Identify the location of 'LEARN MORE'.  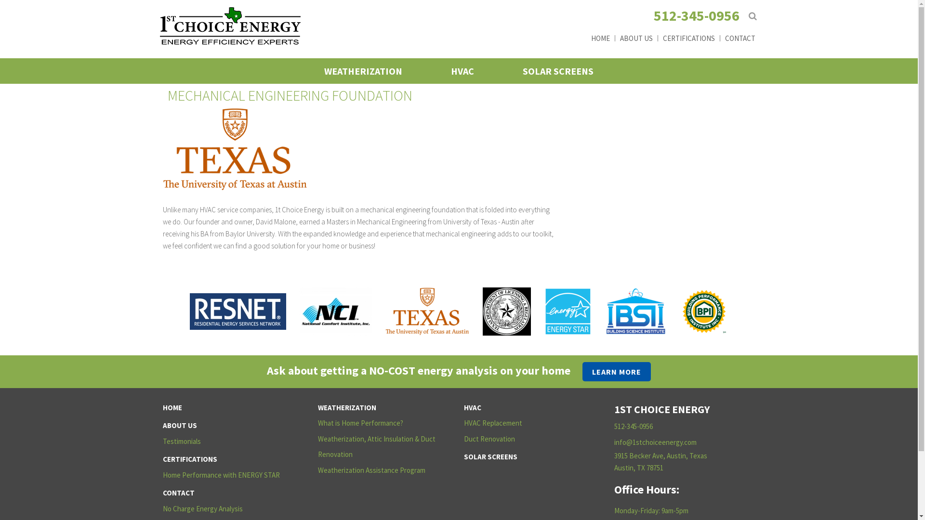
(617, 371).